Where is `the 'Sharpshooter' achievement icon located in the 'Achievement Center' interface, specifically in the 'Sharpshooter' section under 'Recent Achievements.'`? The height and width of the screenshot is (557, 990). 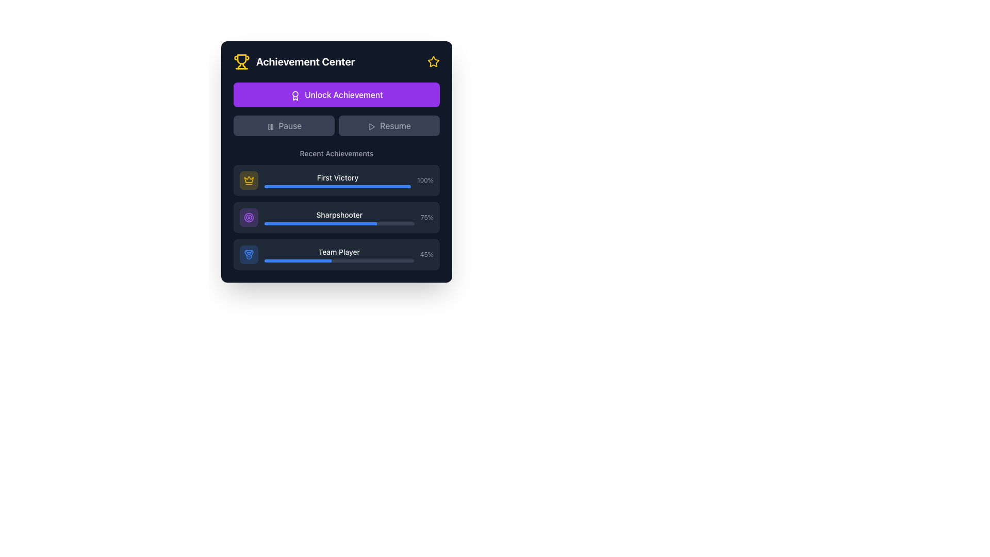 the 'Sharpshooter' achievement icon located in the 'Achievement Center' interface, specifically in the 'Sharpshooter' section under 'Recent Achievements.' is located at coordinates (249, 217).